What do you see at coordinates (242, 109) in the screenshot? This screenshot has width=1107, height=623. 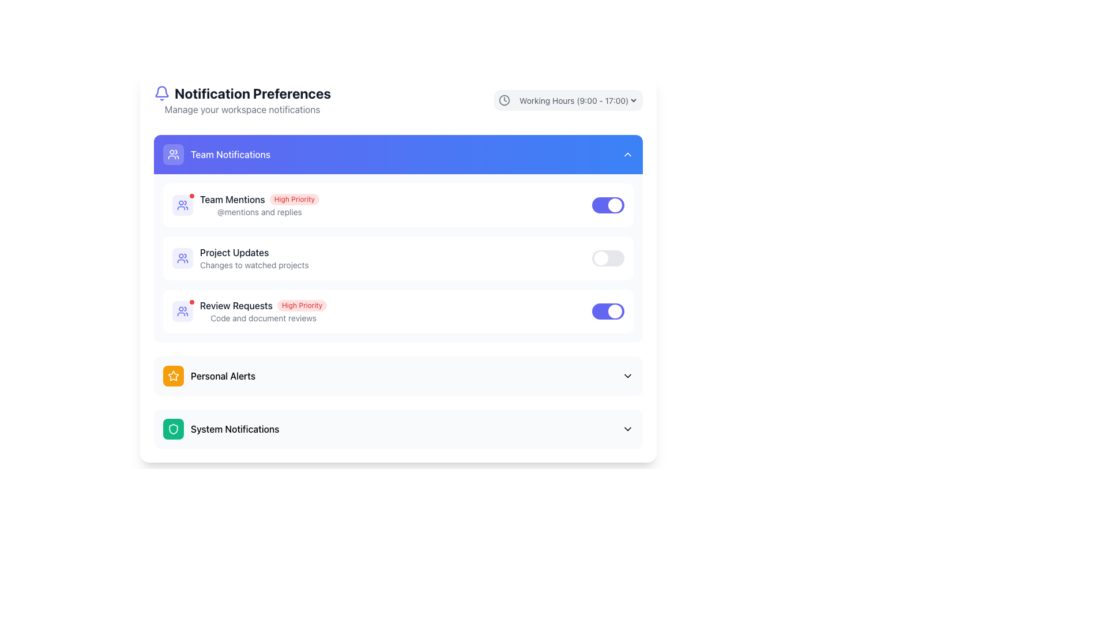 I see `the text label that reads 'Manage your workspace notifications.' which is styled in gray and located below the 'Notification Preferences' header` at bounding box center [242, 109].